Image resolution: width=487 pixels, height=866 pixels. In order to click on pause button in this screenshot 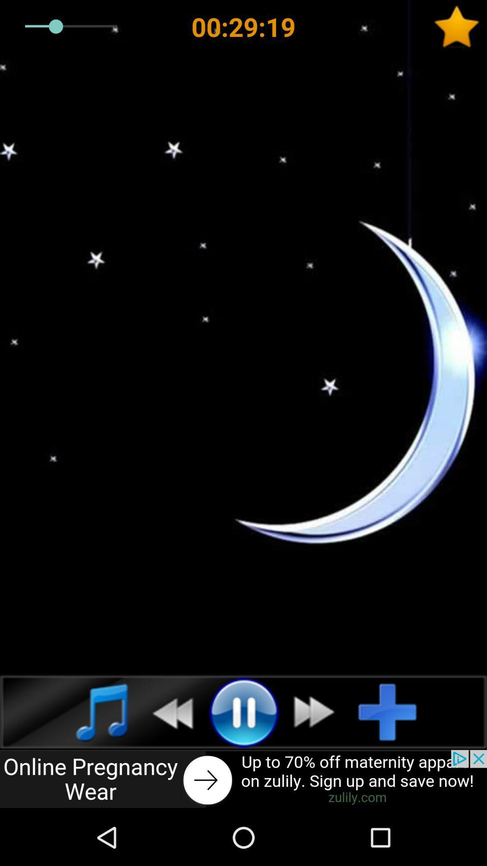, I will do `click(243, 711)`.